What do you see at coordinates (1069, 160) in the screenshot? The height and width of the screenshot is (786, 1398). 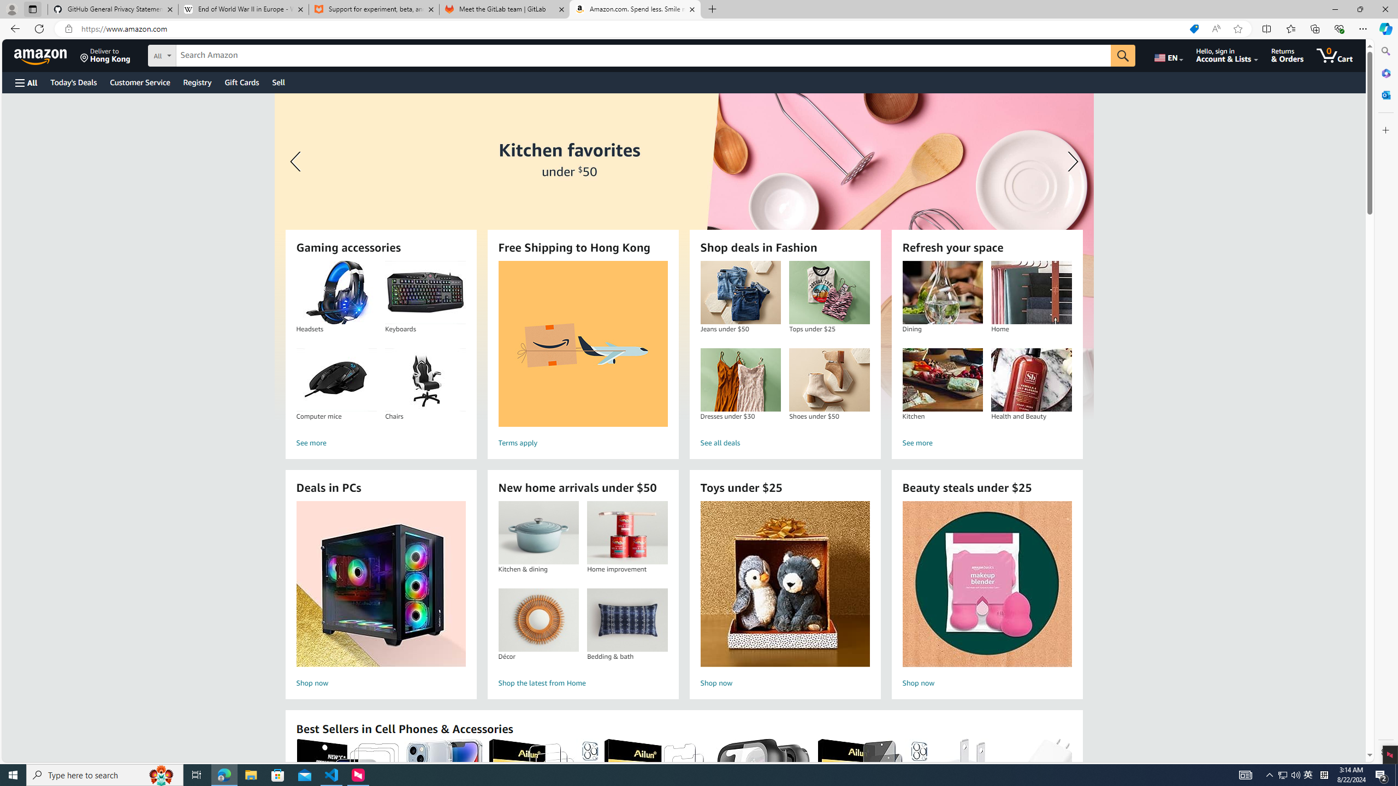 I see `'Next slide'` at bounding box center [1069, 160].